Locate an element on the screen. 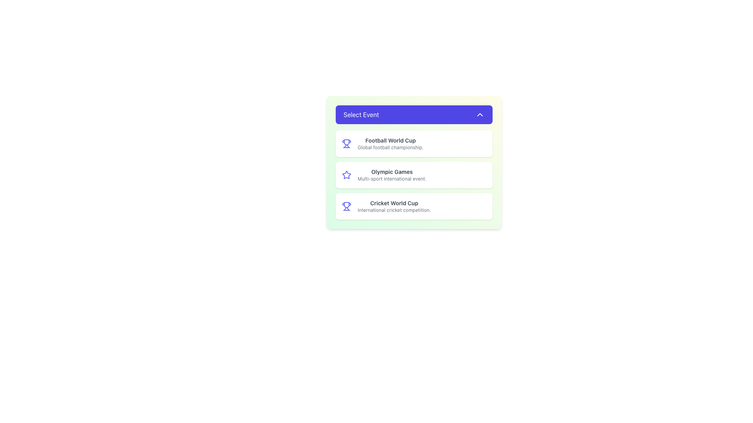  the text label indicating the title of the Olympic Games option is located at coordinates (392, 172).